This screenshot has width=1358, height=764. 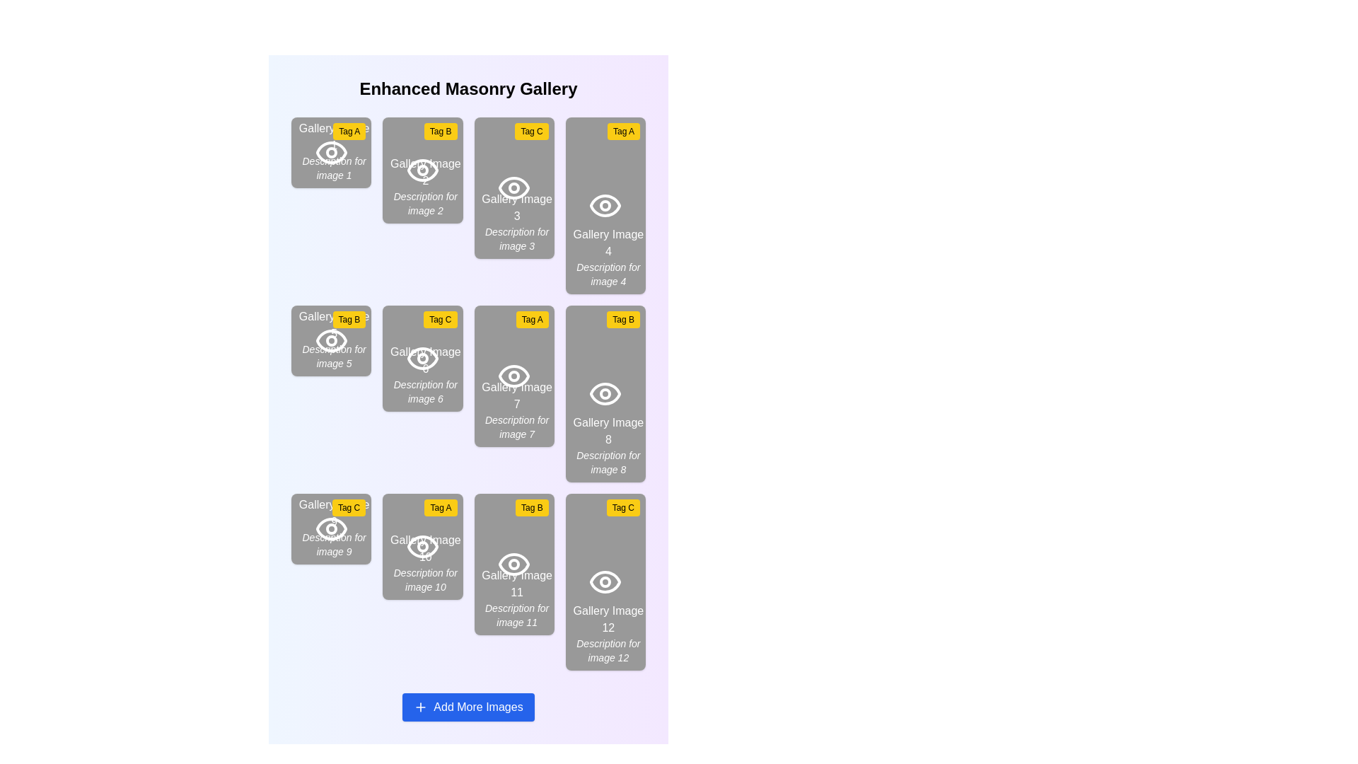 I want to click on the small circular icon located within the eye-shaped icon of the 'Gallery Image 8' card, so click(x=605, y=393).